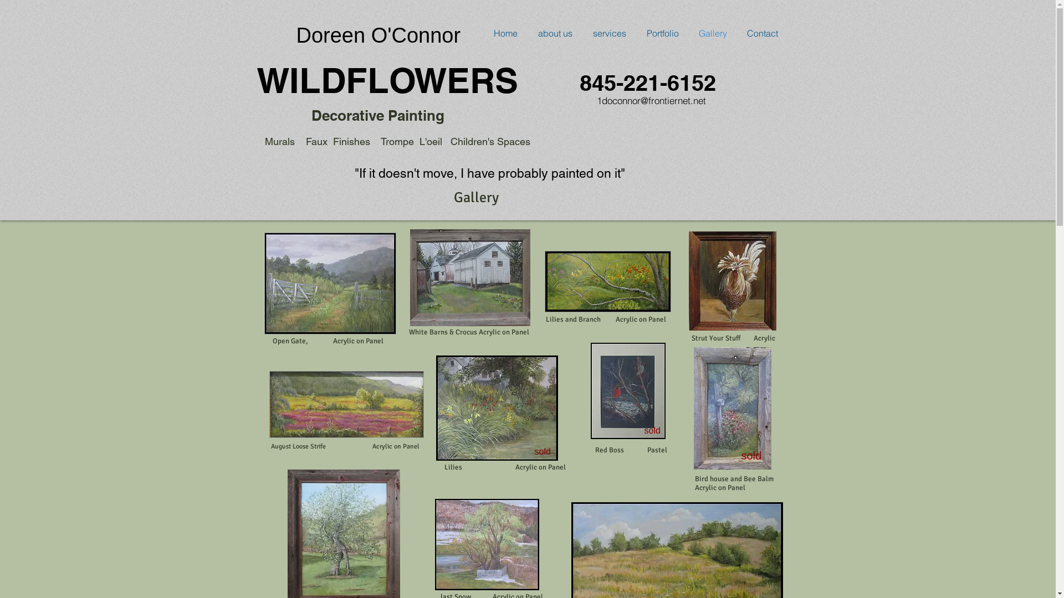 This screenshot has width=1064, height=598. What do you see at coordinates (329, 283) in the screenshot?
I see `'IMG_1422_edited.jpg'` at bounding box center [329, 283].